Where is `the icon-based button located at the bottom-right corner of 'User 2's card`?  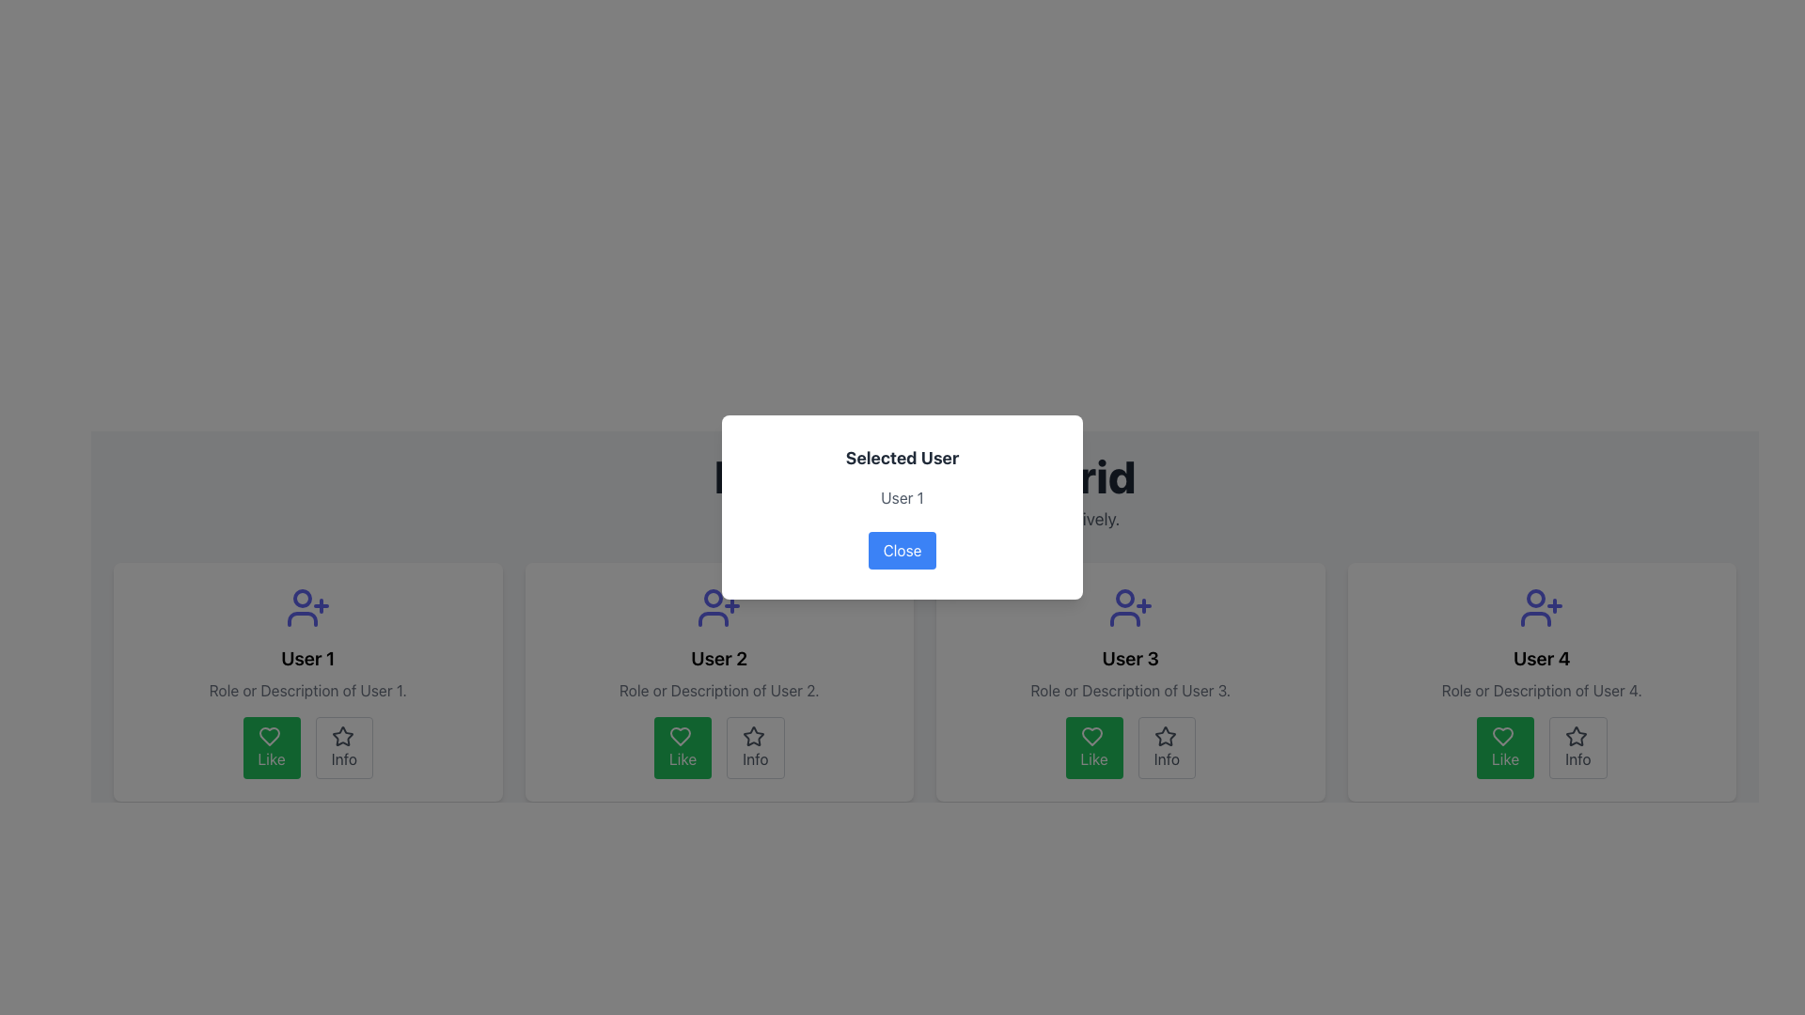
the icon-based button located at the bottom-right corner of 'User 2's card is located at coordinates (754, 735).